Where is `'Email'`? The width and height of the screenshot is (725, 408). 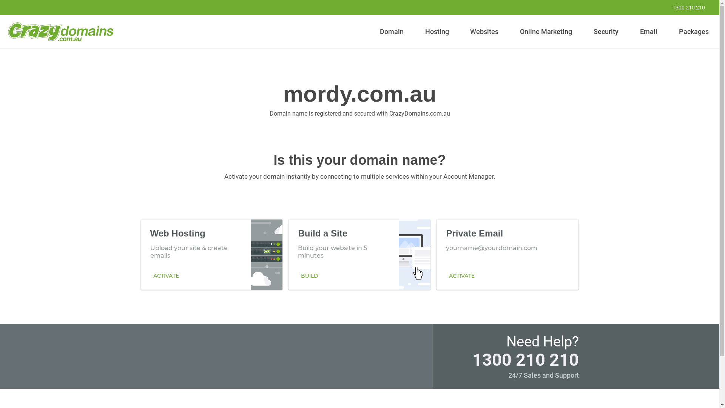 'Email' is located at coordinates (648, 31).